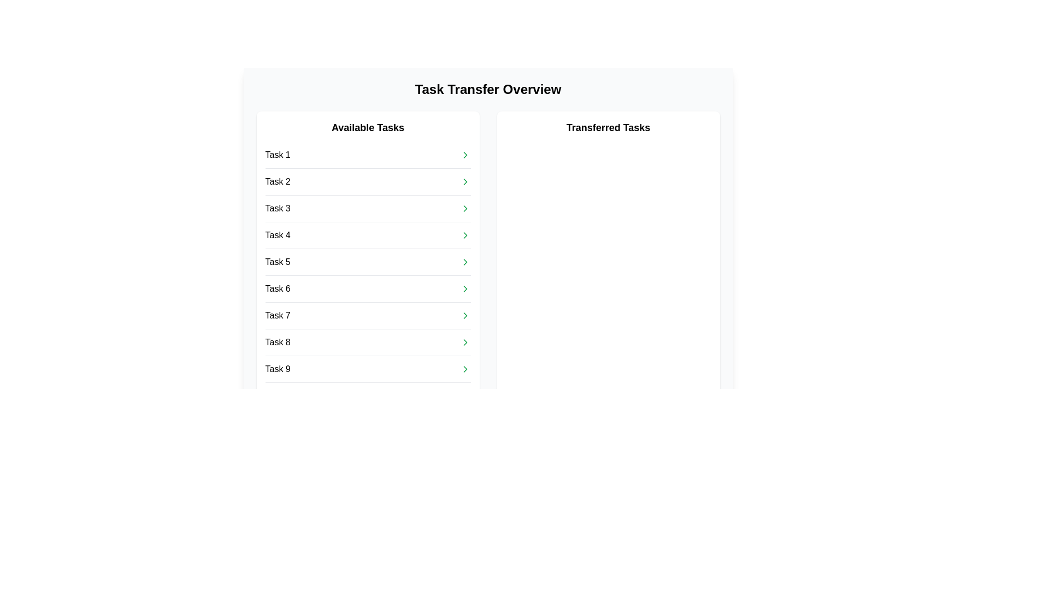 The height and width of the screenshot is (590, 1049). Describe the element at coordinates (278, 369) in the screenshot. I see `the text label displaying 'Task 9' in black font, which is the last entry in the 'Available Tasks' list` at that location.